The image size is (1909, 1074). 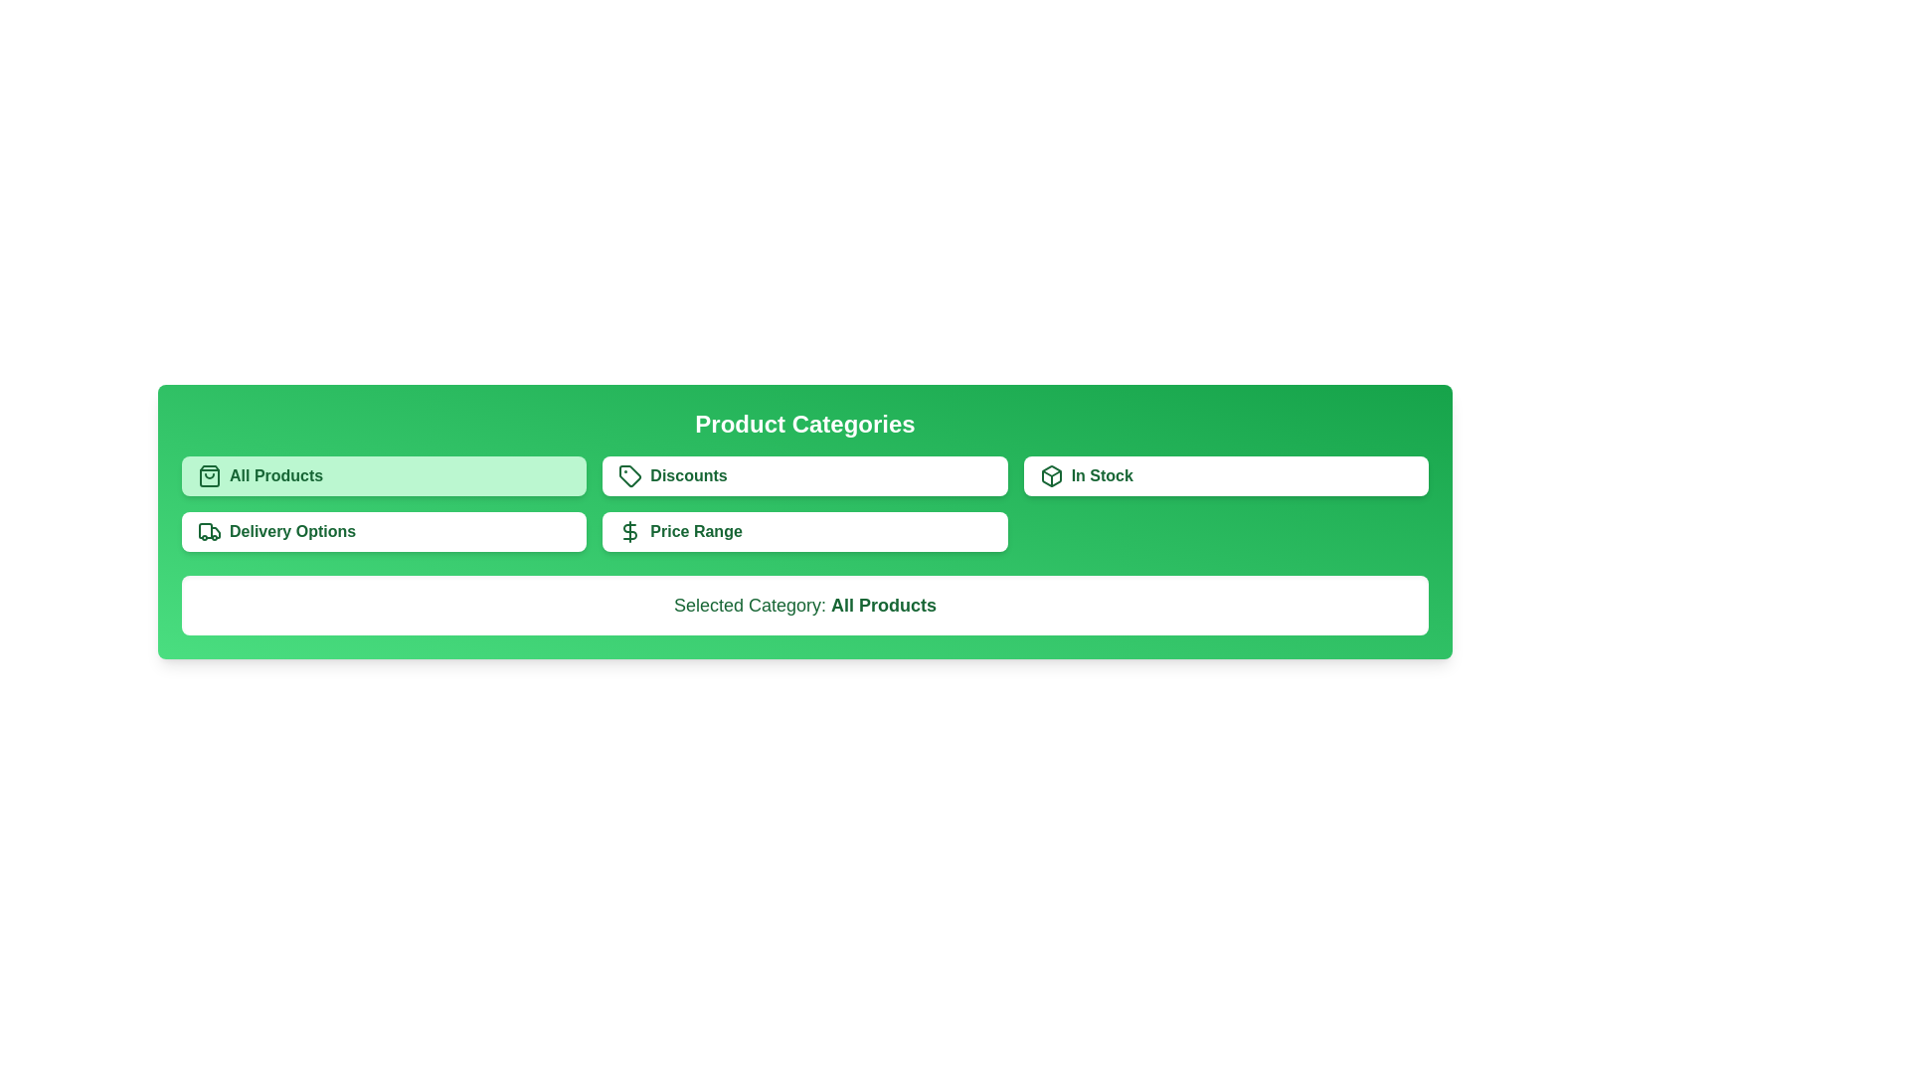 What do you see at coordinates (1101, 475) in the screenshot?
I see `the 'In Stock' text label located on the green rectangular button in the top-right sector of the 'Product Categories' section` at bounding box center [1101, 475].